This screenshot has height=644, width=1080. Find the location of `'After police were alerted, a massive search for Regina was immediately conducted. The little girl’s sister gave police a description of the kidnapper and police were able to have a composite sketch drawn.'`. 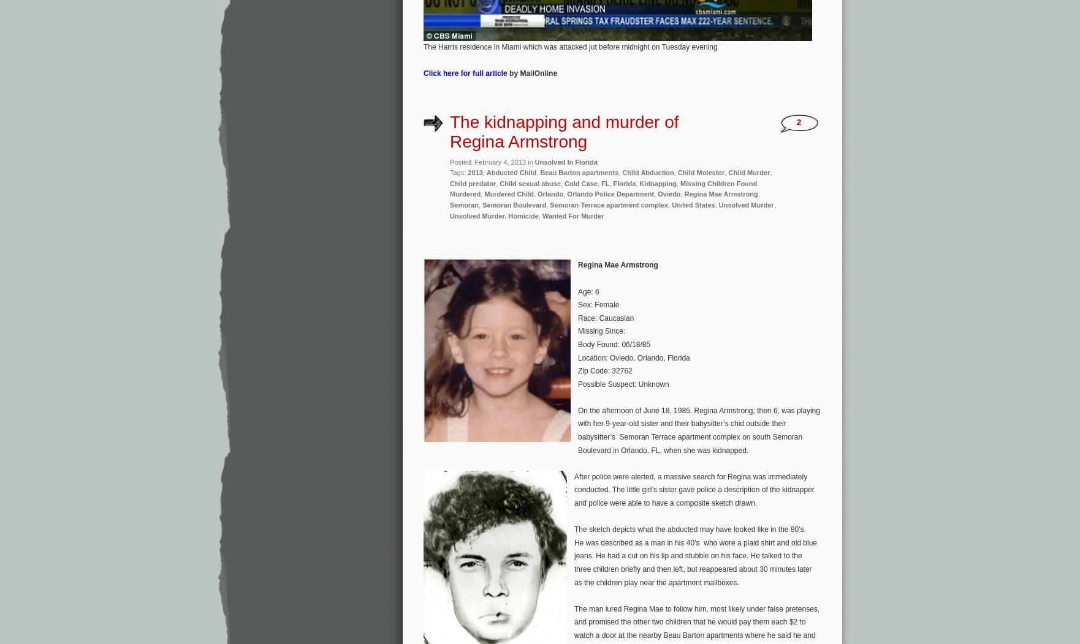

'After police were alerted, a massive search for Regina was immediately conducted. The little girl’s sister gave police a description of the kidnapper and police were able to have a composite sketch drawn.' is located at coordinates (694, 490).